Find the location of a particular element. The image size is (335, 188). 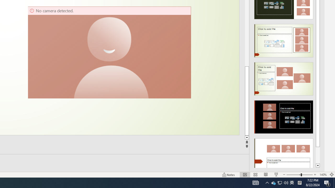

'Line down' is located at coordinates (247, 137).